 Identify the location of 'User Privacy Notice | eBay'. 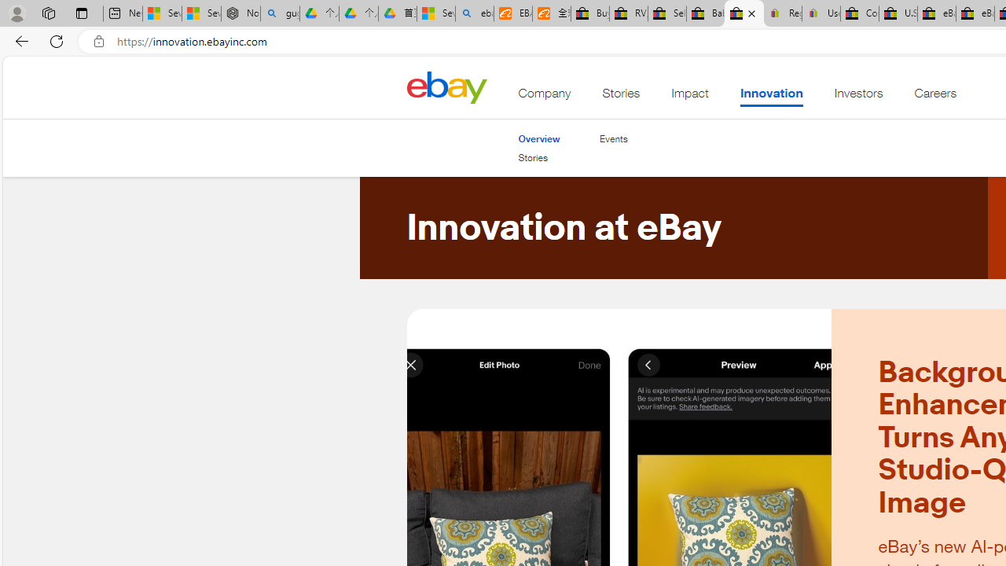
(821, 13).